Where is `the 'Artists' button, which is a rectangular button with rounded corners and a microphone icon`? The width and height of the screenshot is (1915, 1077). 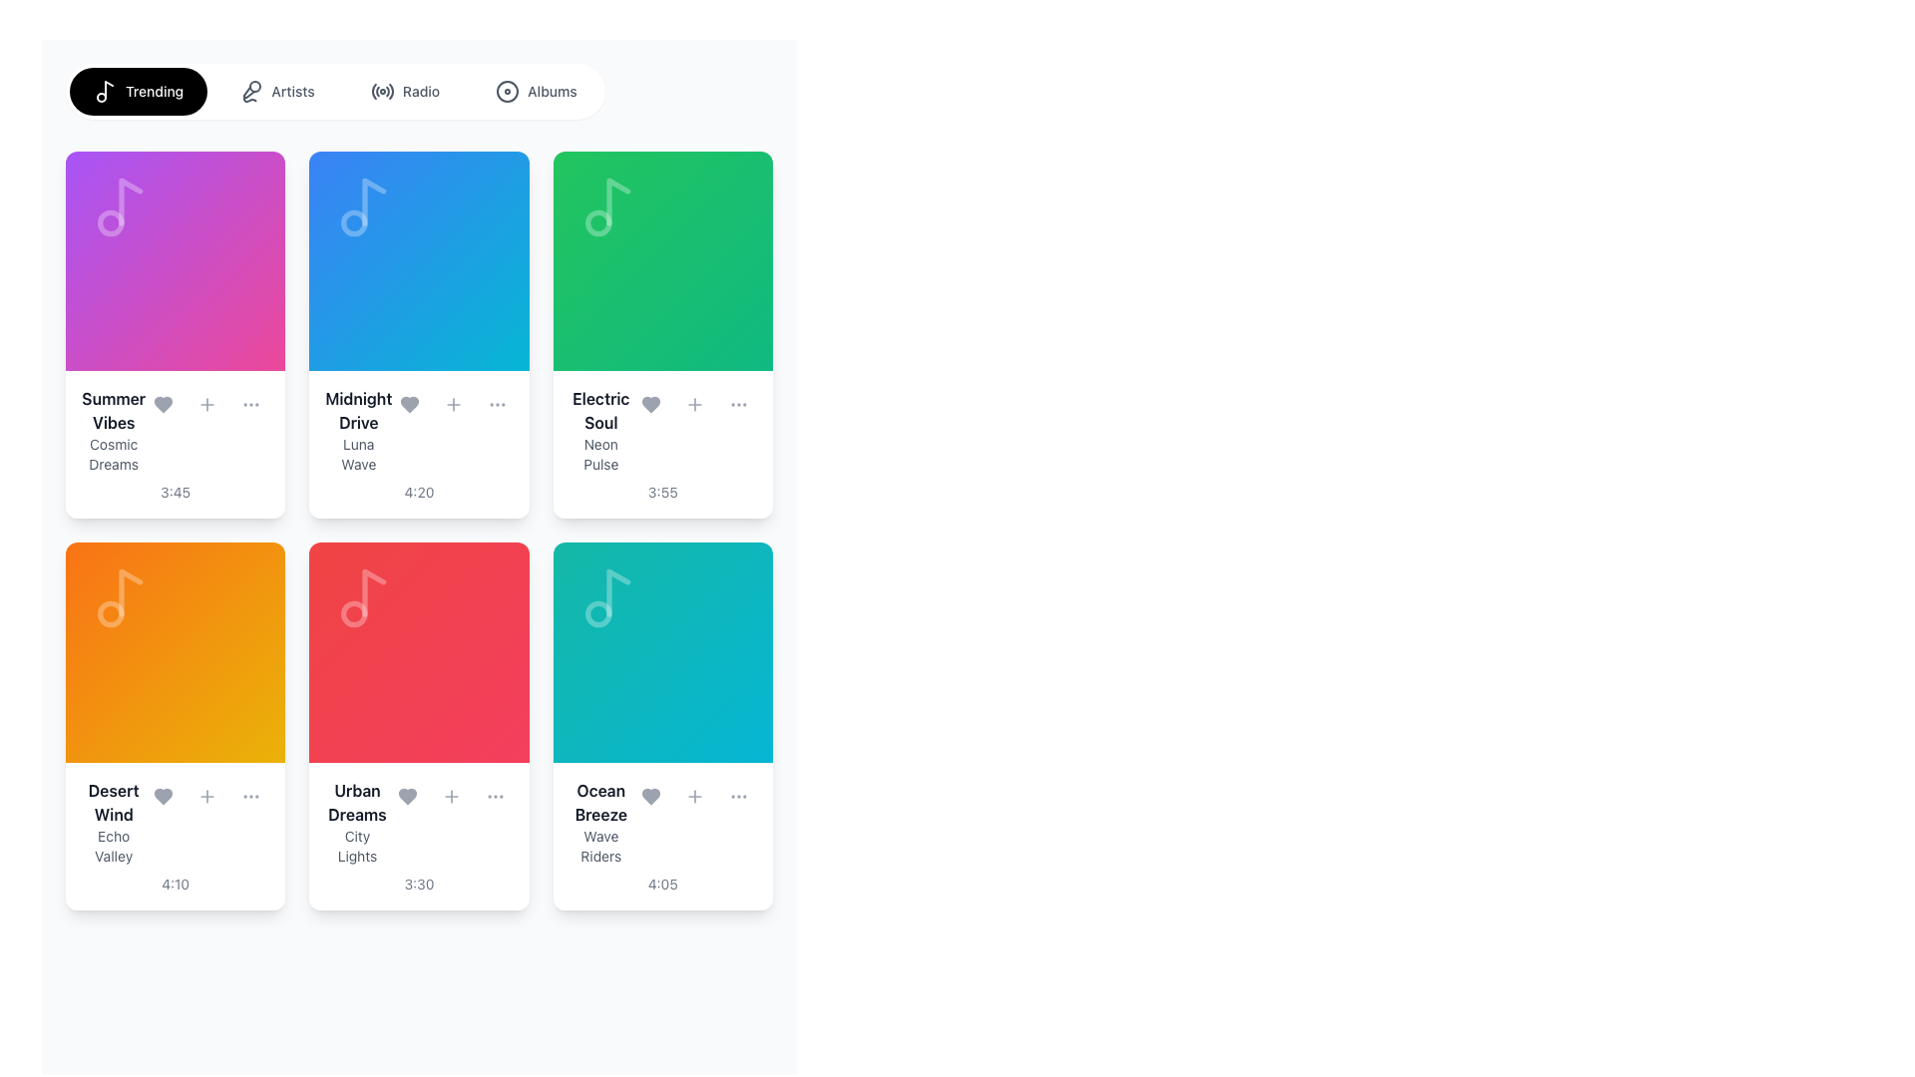
the 'Artists' button, which is a rectangular button with rounded corners and a microphone icon is located at coordinates (276, 92).